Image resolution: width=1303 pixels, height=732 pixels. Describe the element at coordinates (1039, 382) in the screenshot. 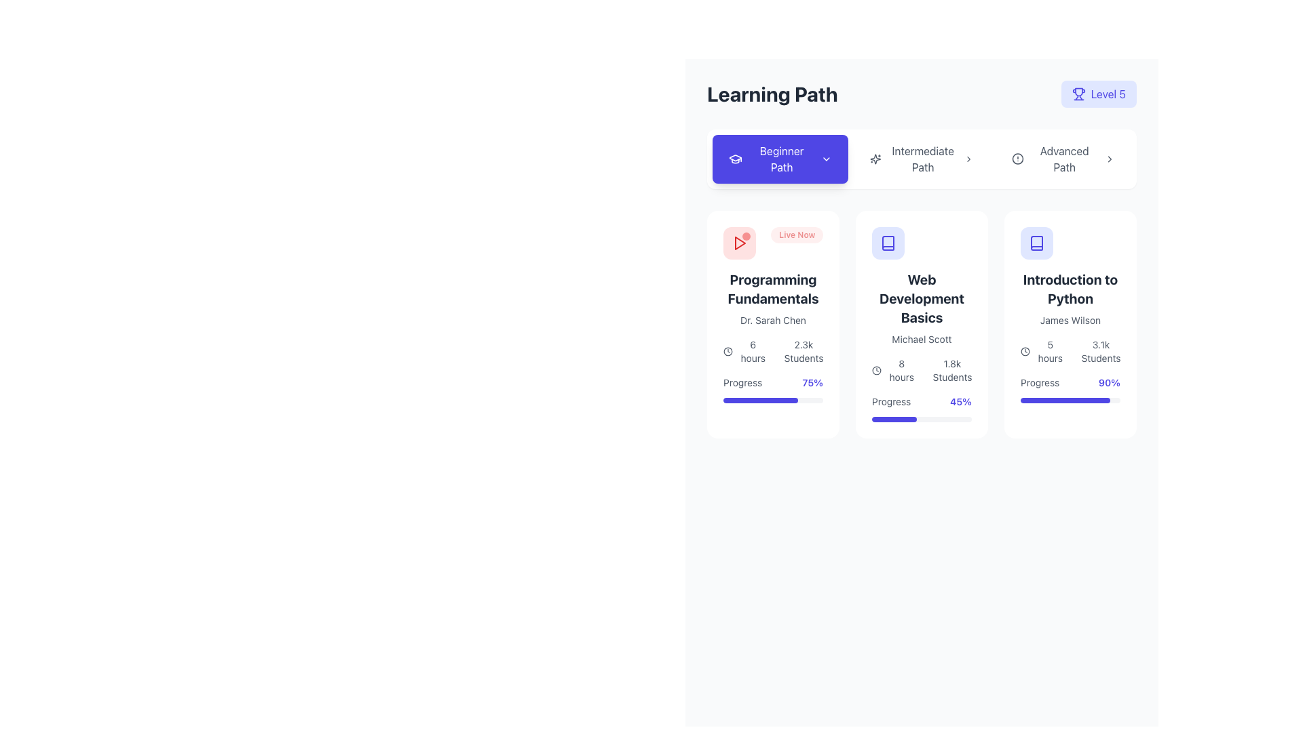

I see `the static label located at the bottom section of the 'Introduction to Python' card, positioned to the left of the '90%' text` at that location.